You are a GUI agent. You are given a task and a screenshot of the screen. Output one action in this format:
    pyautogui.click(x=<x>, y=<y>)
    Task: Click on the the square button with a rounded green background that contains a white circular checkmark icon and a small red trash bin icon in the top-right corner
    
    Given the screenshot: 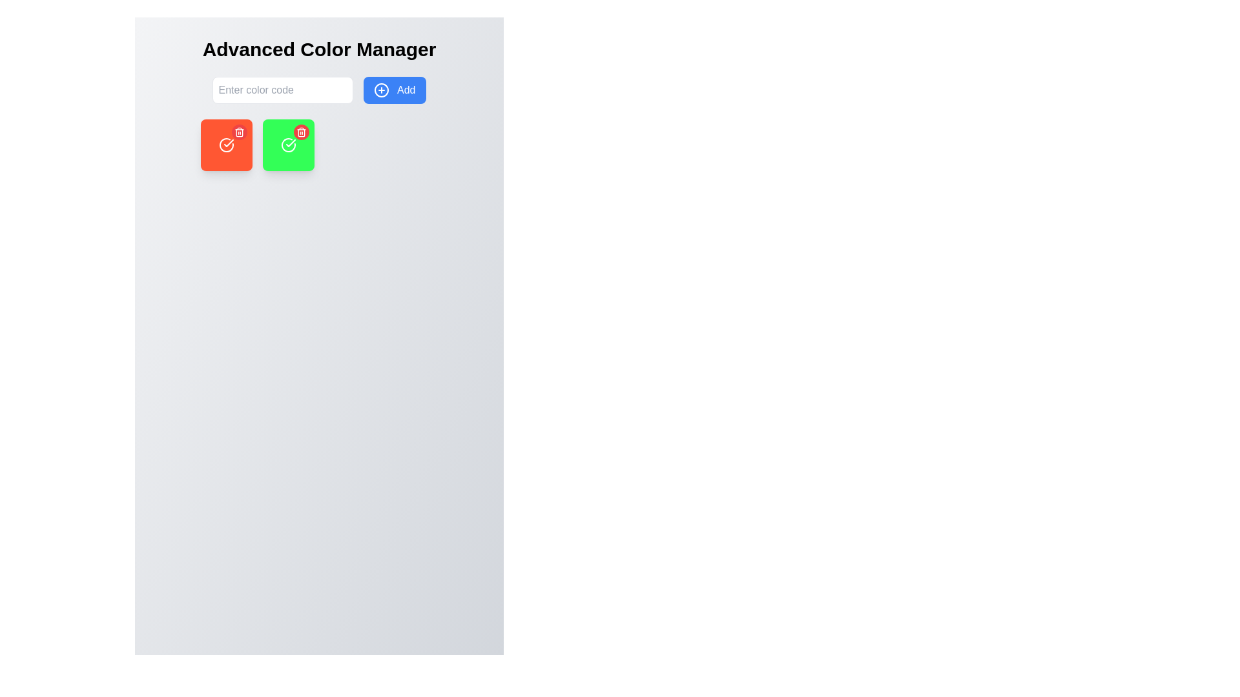 What is the action you would take?
    pyautogui.click(x=287, y=145)
    